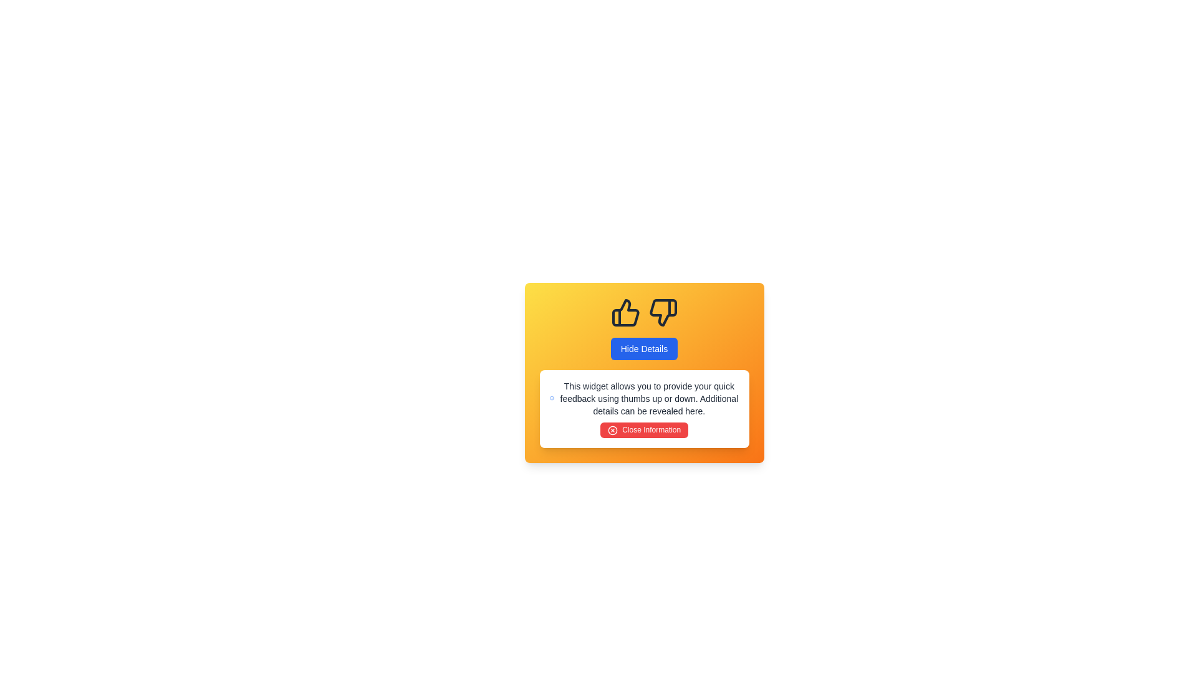 The width and height of the screenshot is (1197, 673). Describe the element at coordinates (625, 312) in the screenshot. I see `the positive feedback button, which is positioned to the left of the thumbs-down icon and above the 'Hide Details' button` at that location.